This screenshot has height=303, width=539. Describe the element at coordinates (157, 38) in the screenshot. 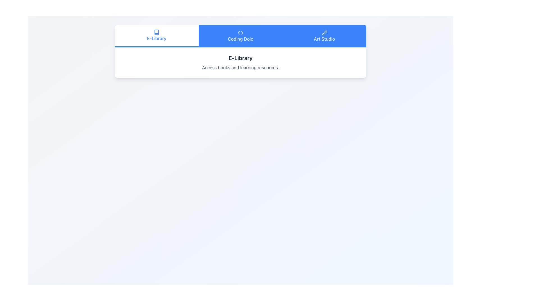

I see `text label 'E-Library' located in the top-center section of the interface, styled in blue below the book icon in the navigation tab` at that location.